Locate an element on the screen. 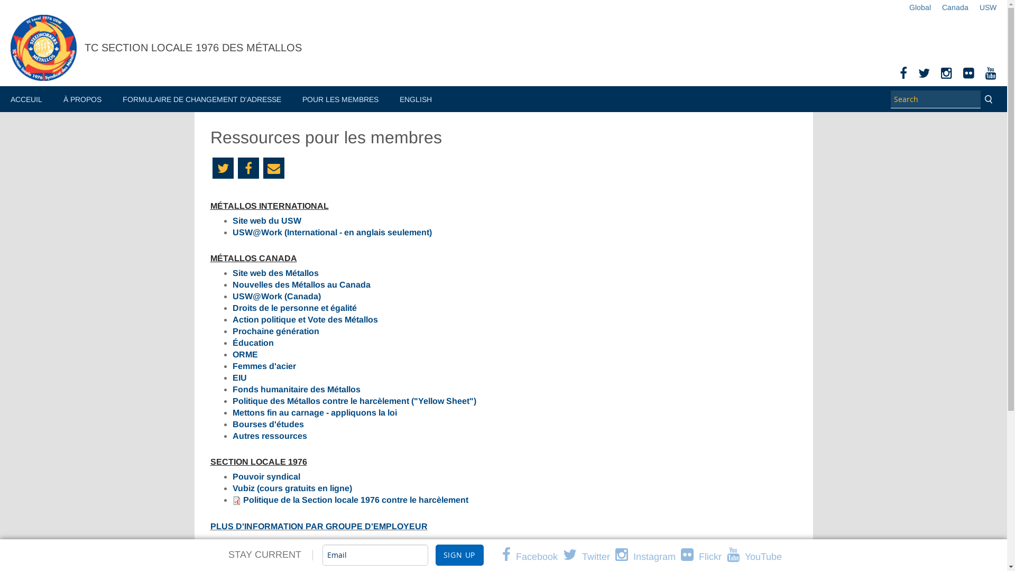  'Site web du USW' is located at coordinates (266, 220).